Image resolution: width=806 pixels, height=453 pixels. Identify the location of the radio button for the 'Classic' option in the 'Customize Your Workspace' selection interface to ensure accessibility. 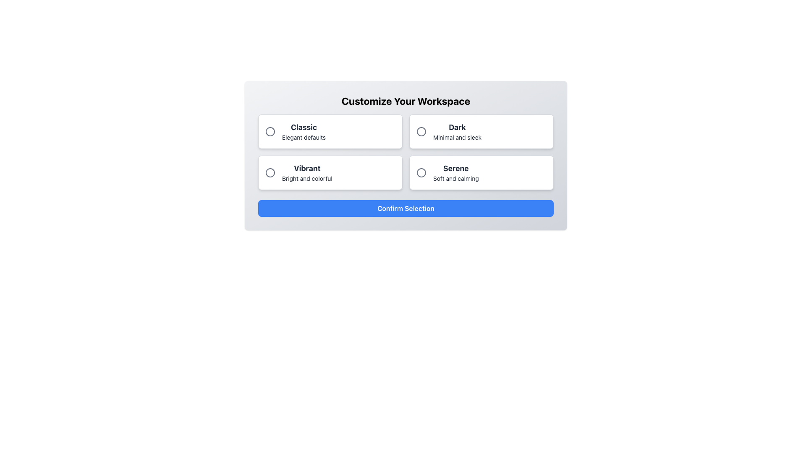
(270, 131).